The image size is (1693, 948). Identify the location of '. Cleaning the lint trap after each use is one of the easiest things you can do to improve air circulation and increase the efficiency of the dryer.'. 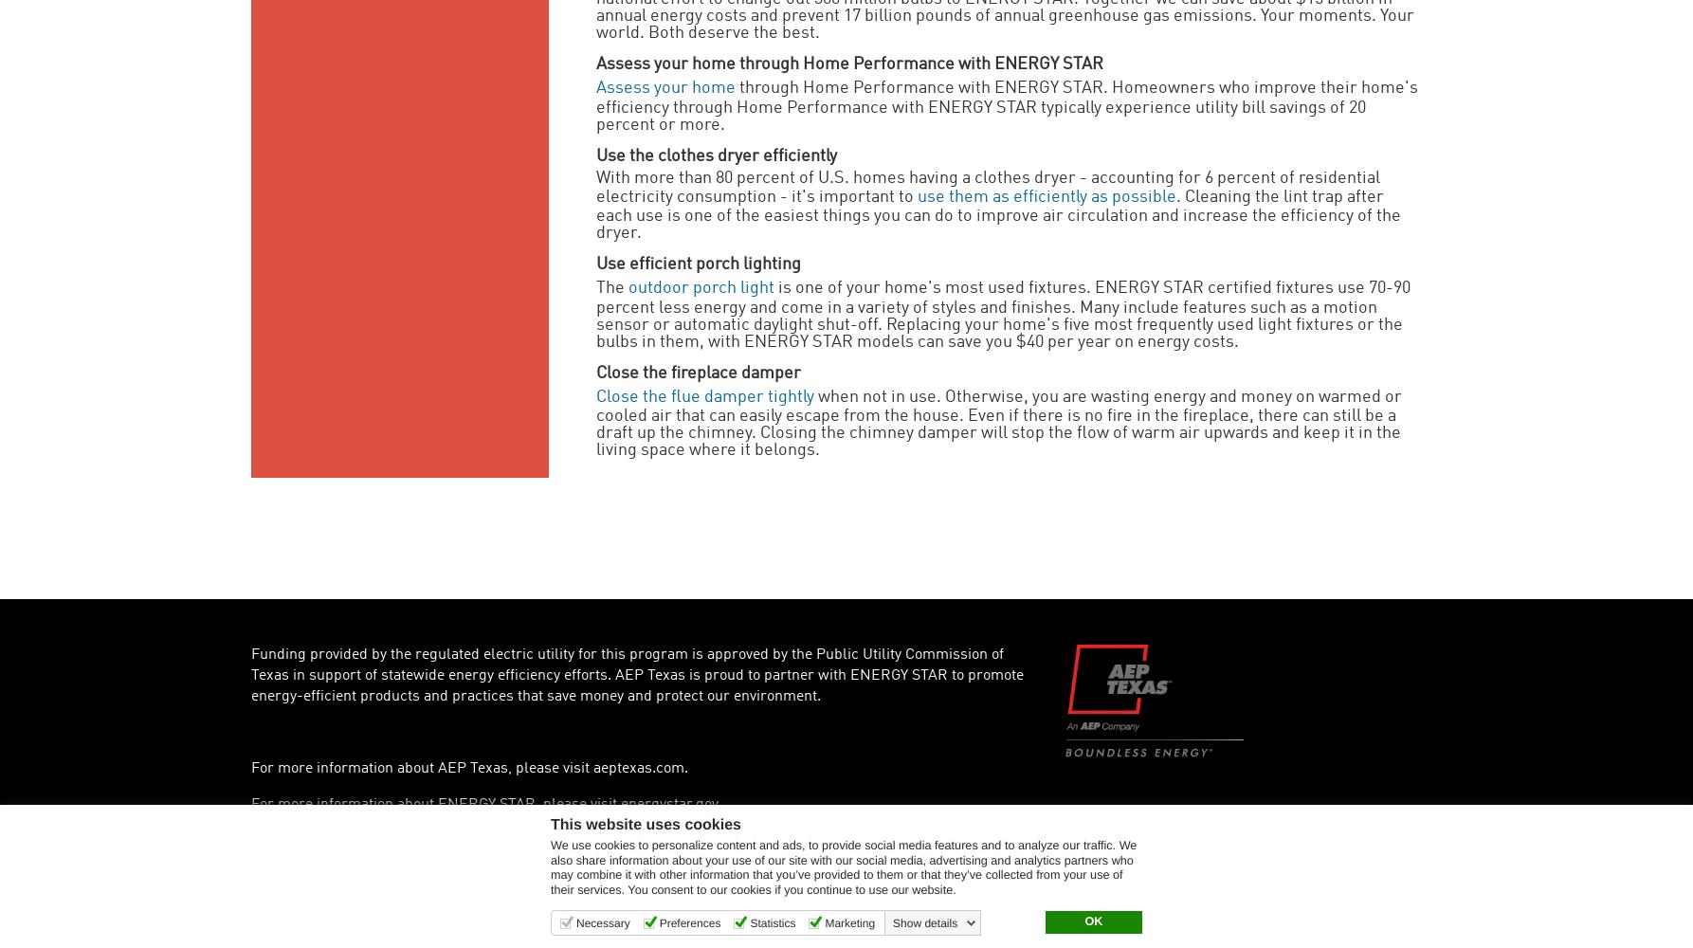
(997, 213).